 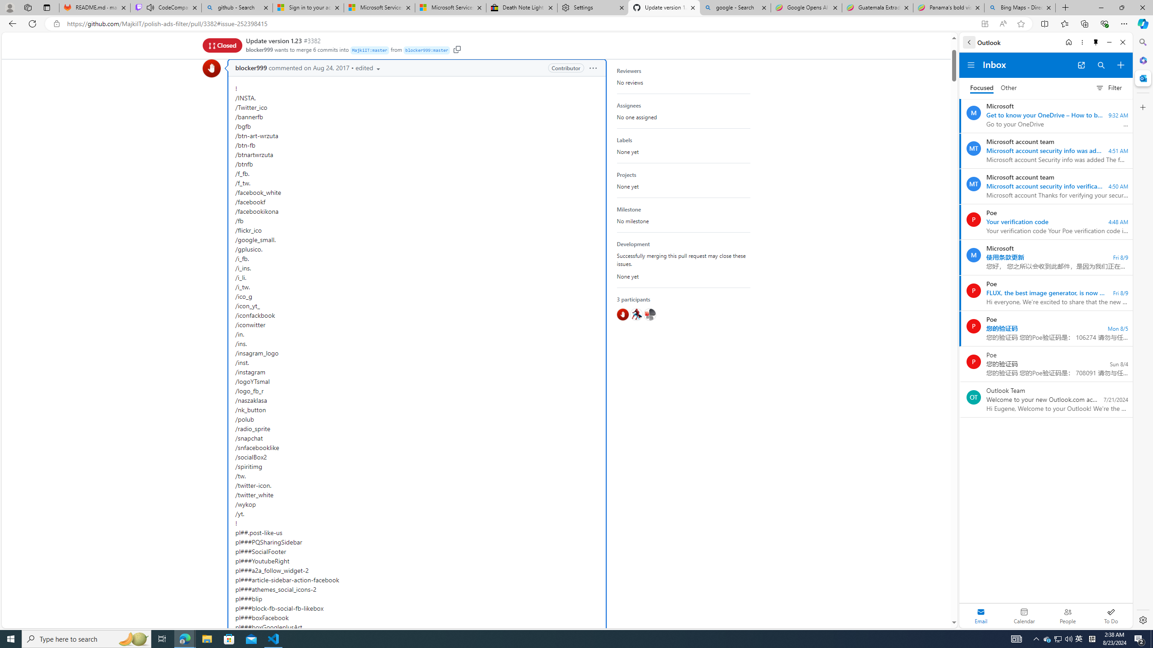 What do you see at coordinates (308, 7) in the screenshot?
I see `'Sign in to your account'` at bounding box center [308, 7].